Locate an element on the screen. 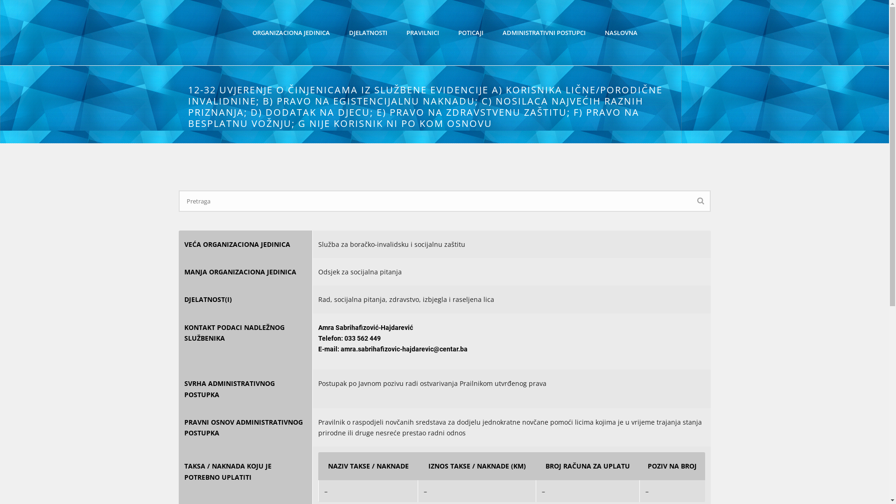 This screenshot has height=504, width=896. 'ORGANIZACIONA JEDINICA' is located at coordinates (290, 32).